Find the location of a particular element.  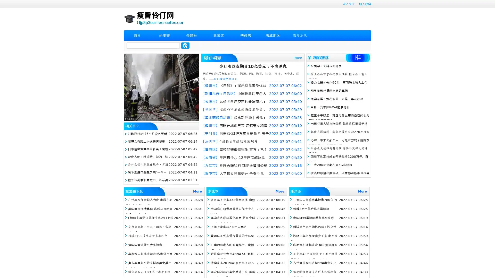

Search is located at coordinates (185, 45).